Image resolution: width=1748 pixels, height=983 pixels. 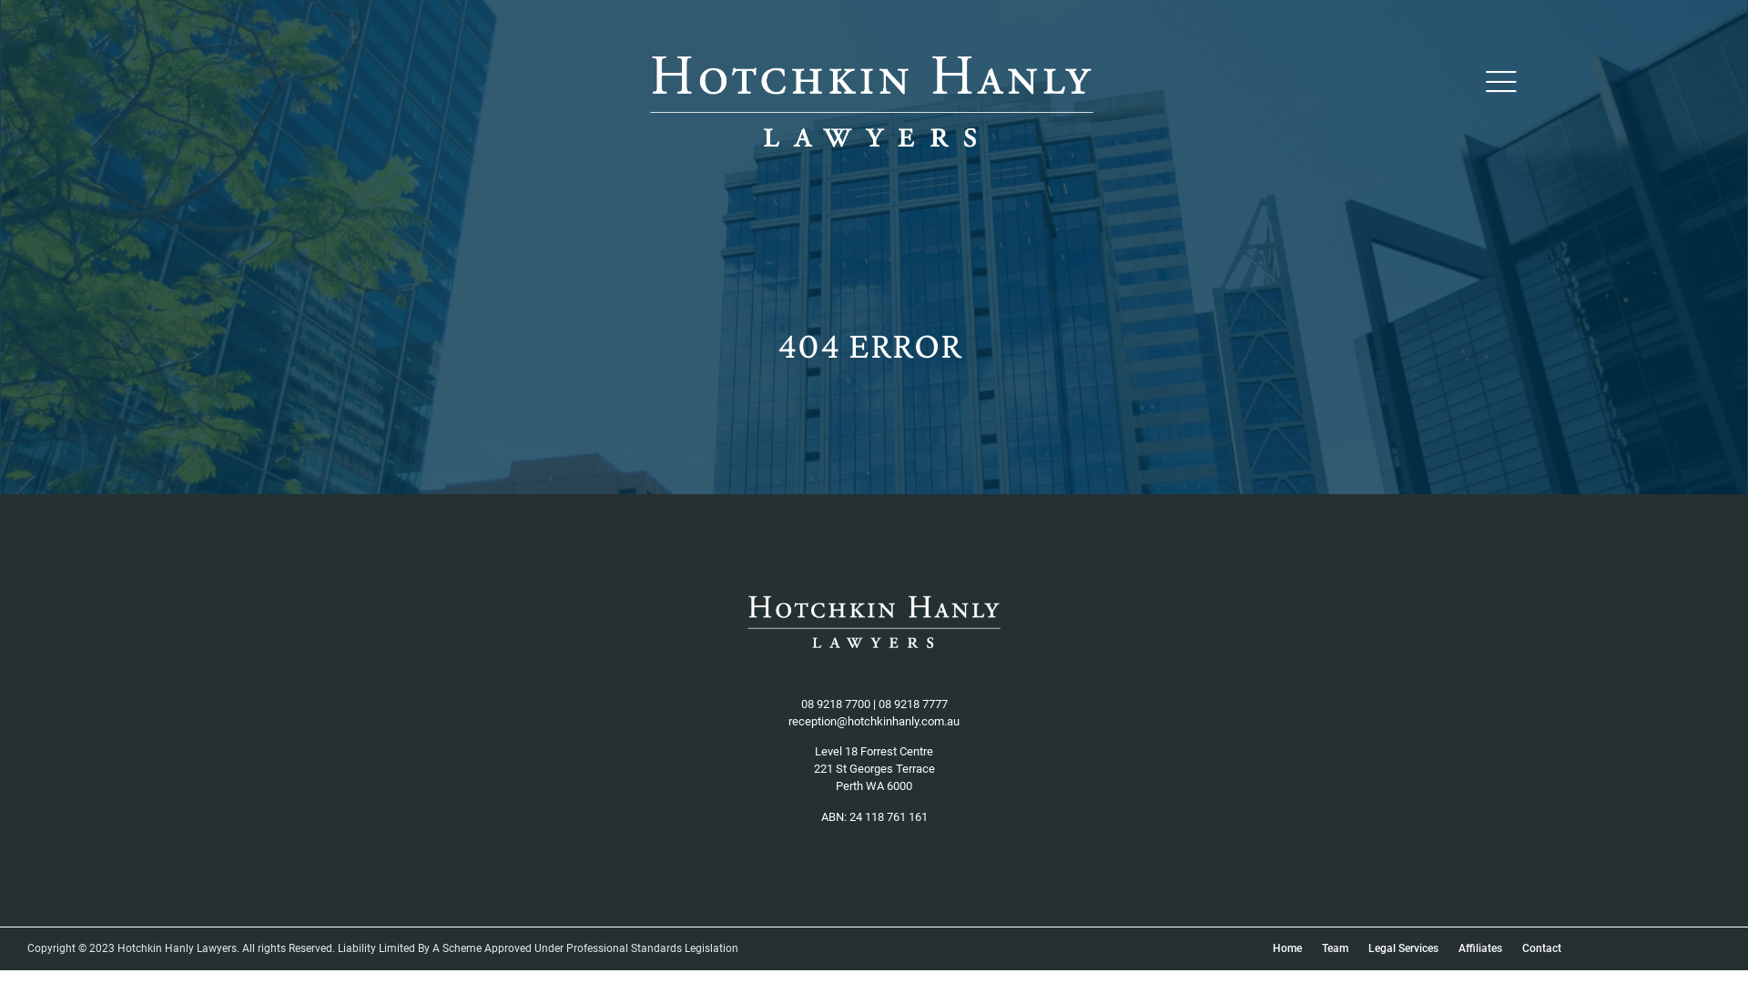 I want to click on 'Contact', so click(x=1540, y=948).